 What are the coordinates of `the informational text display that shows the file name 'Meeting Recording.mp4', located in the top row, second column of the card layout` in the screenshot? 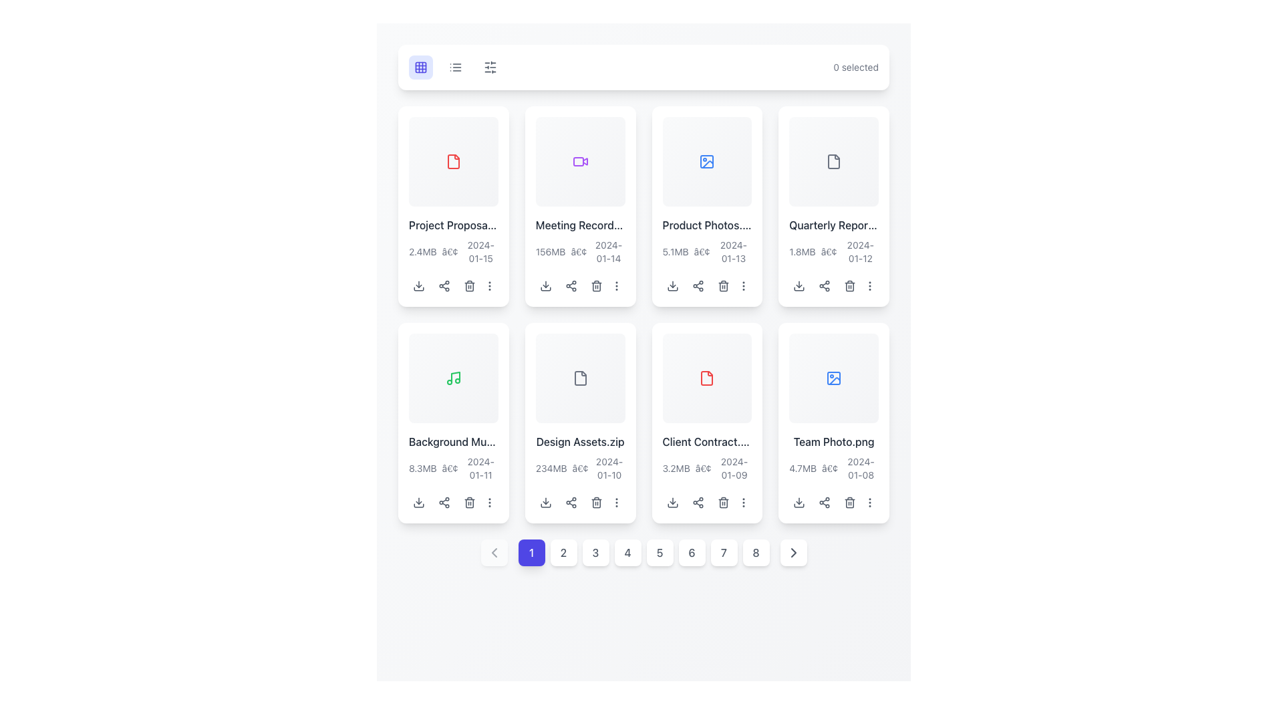 It's located at (580, 241).